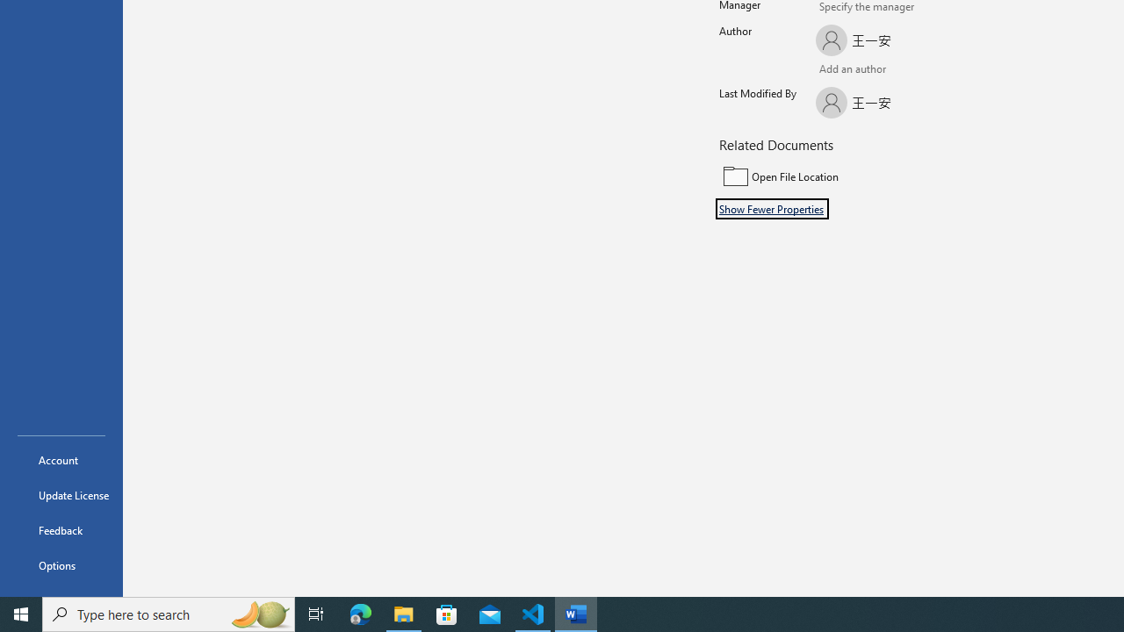 This screenshot has width=1124, height=632. I want to click on 'Open File Location', so click(836, 176).